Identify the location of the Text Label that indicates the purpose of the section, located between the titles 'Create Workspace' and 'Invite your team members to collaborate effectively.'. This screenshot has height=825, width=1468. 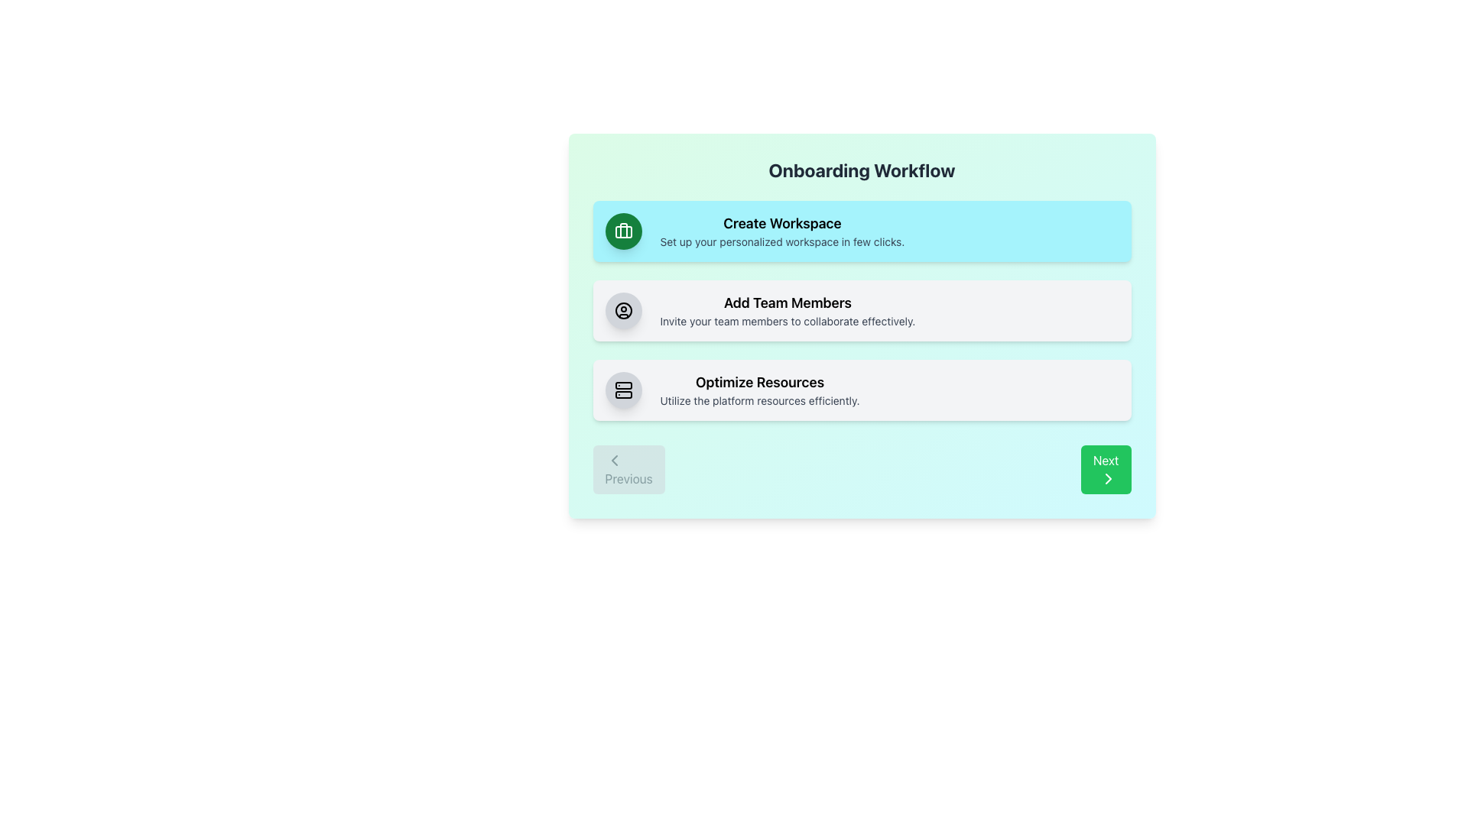
(788, 303).